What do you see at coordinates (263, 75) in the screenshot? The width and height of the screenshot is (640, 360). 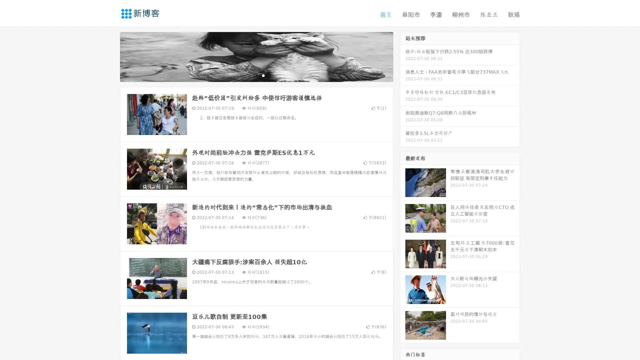 I see `Go to slide 3` at bounding box center [263, 75].